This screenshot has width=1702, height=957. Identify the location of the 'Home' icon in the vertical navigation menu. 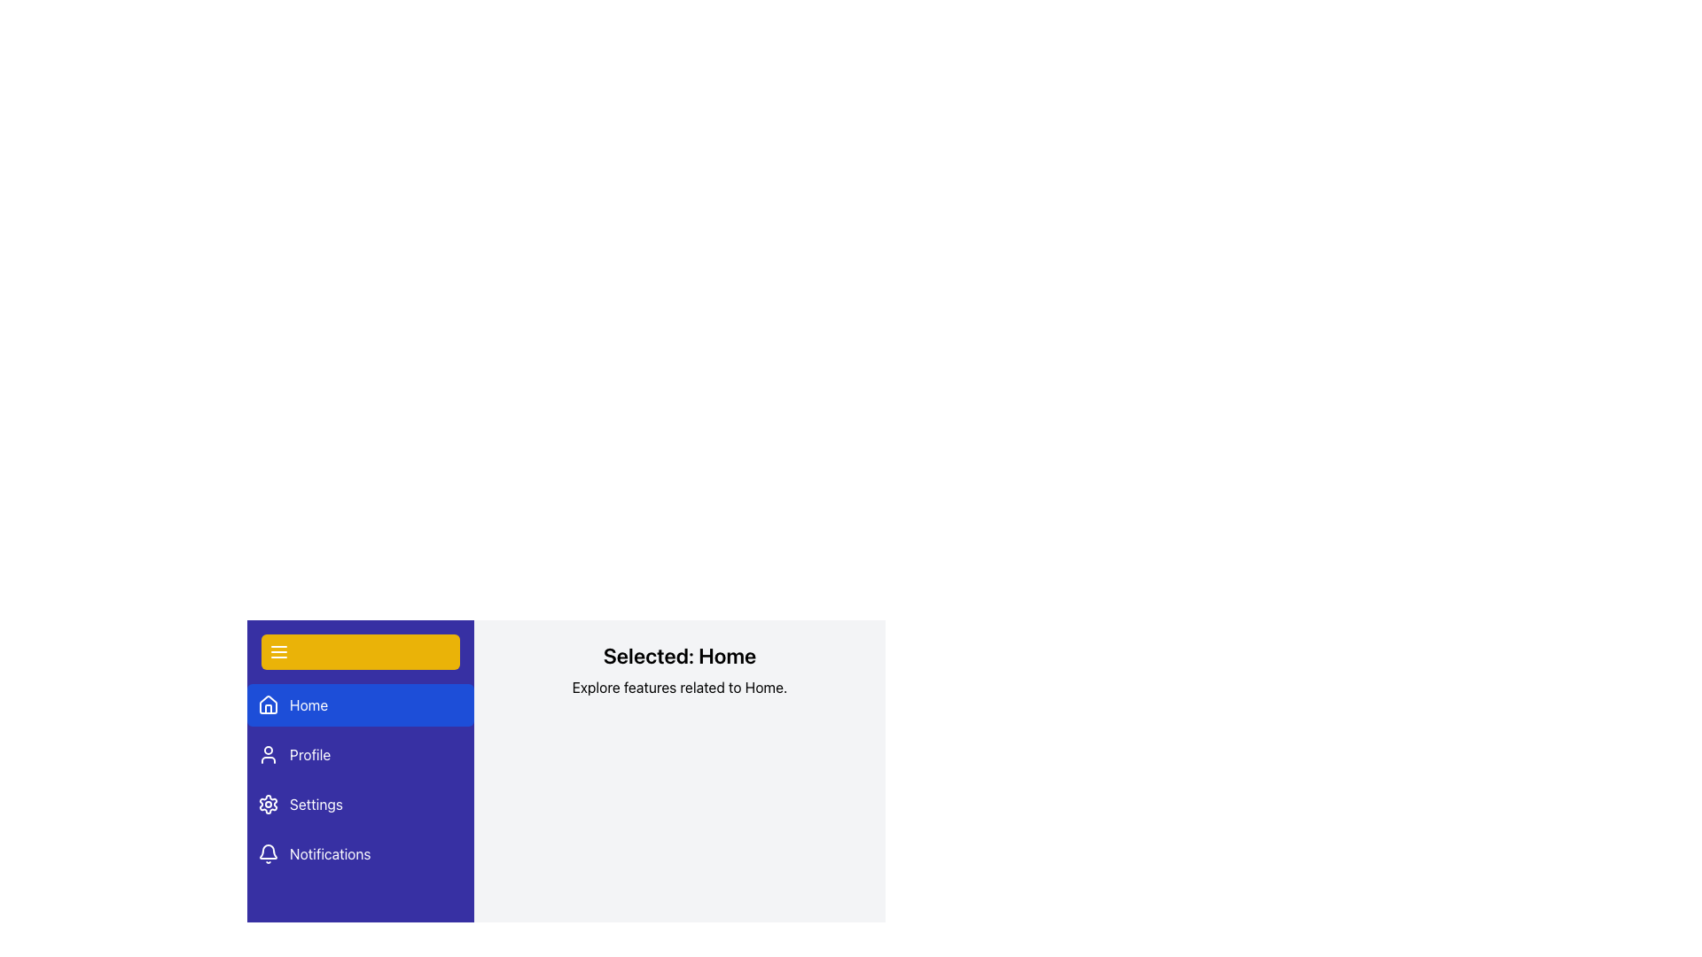
(267, 703).